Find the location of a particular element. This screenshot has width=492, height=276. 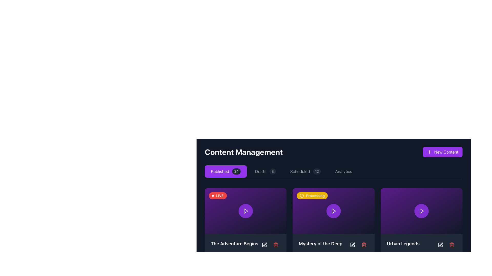

the editing icon button located at the bottom-right of the card labeled 'The Adventure Begins' is located at coordinates (264, 244).